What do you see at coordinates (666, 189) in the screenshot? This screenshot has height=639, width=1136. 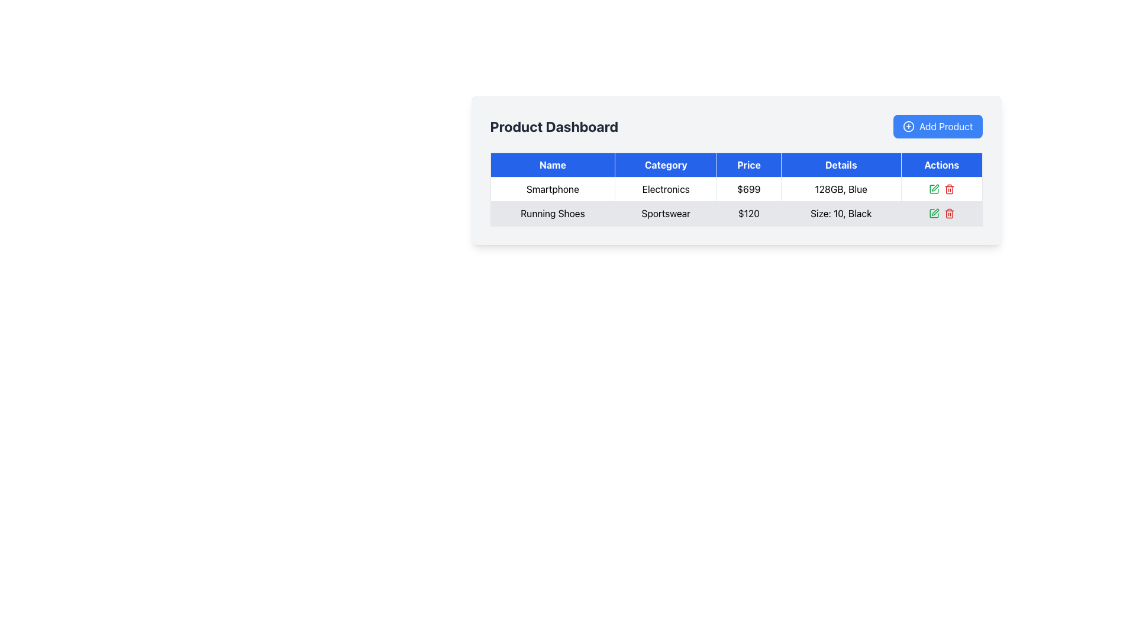 I see `text from the table cell labeled 'Electronics', which is located in the second column of the first row beneath the 'Category' header` at bounding box center [666, 189].